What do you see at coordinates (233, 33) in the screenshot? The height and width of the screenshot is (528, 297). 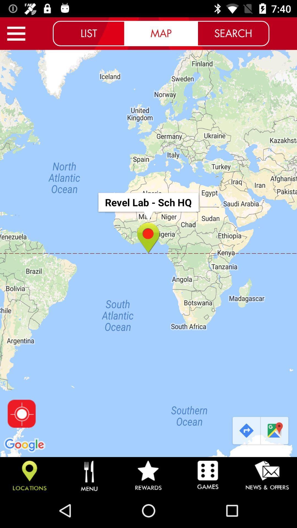 I see `the icon to the right of map item` at bounding box center [233, 33].